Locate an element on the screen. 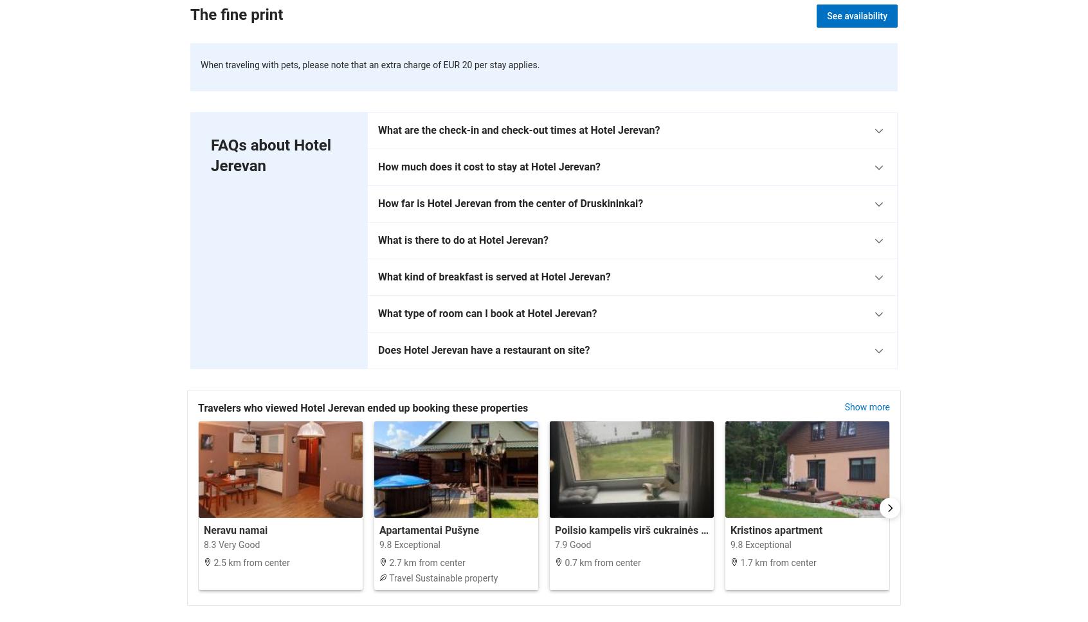 The image size is (1088, 622). 'What are the check-in and check-out times at Hotel Jerevan?' is located at coordinates (519, 129).